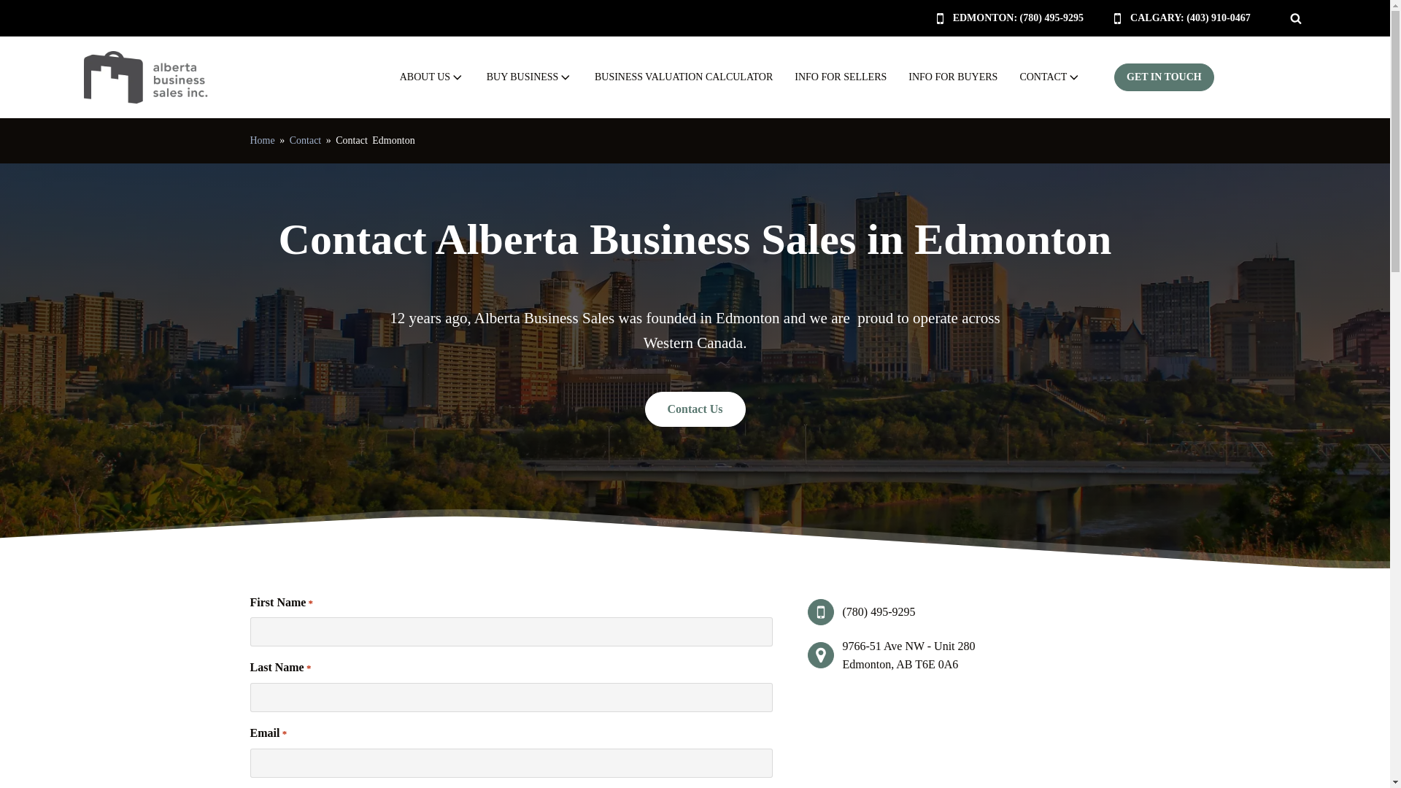  What do you see at coordinates (1007, 18) in the screenshot?
I see `'EDMONTON: (780) 495-9295'` at bounding box center [1007, 18].